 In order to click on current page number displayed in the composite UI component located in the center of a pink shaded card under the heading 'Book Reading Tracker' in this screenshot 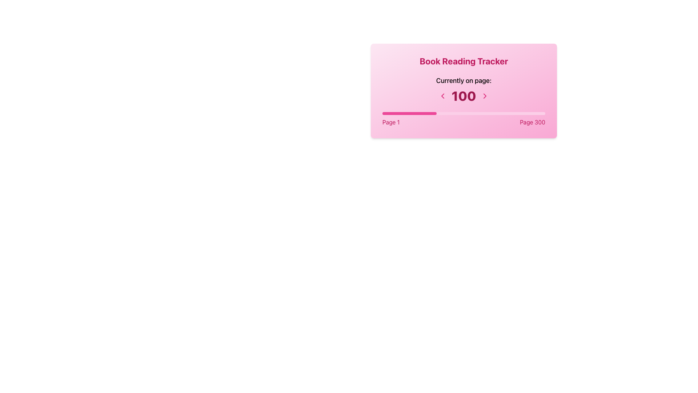, I will do `click(464, 89)`.